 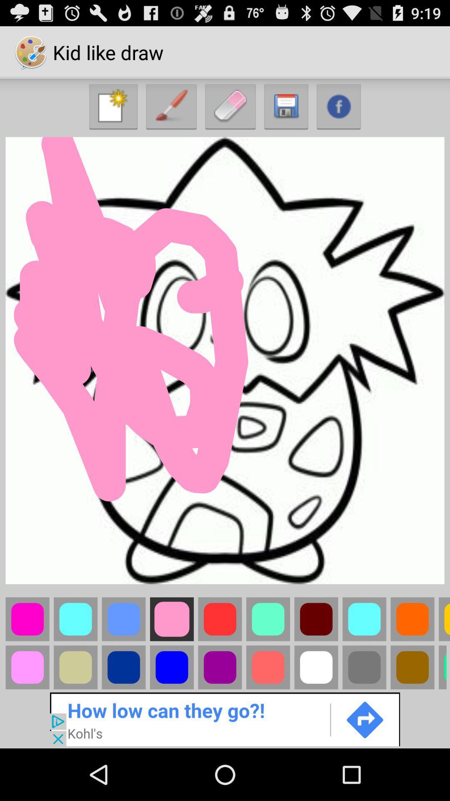 What do you see at coordinates (27, 714) in the screenshot?
I see `the avatar icon` at bounding box center [27, 714].